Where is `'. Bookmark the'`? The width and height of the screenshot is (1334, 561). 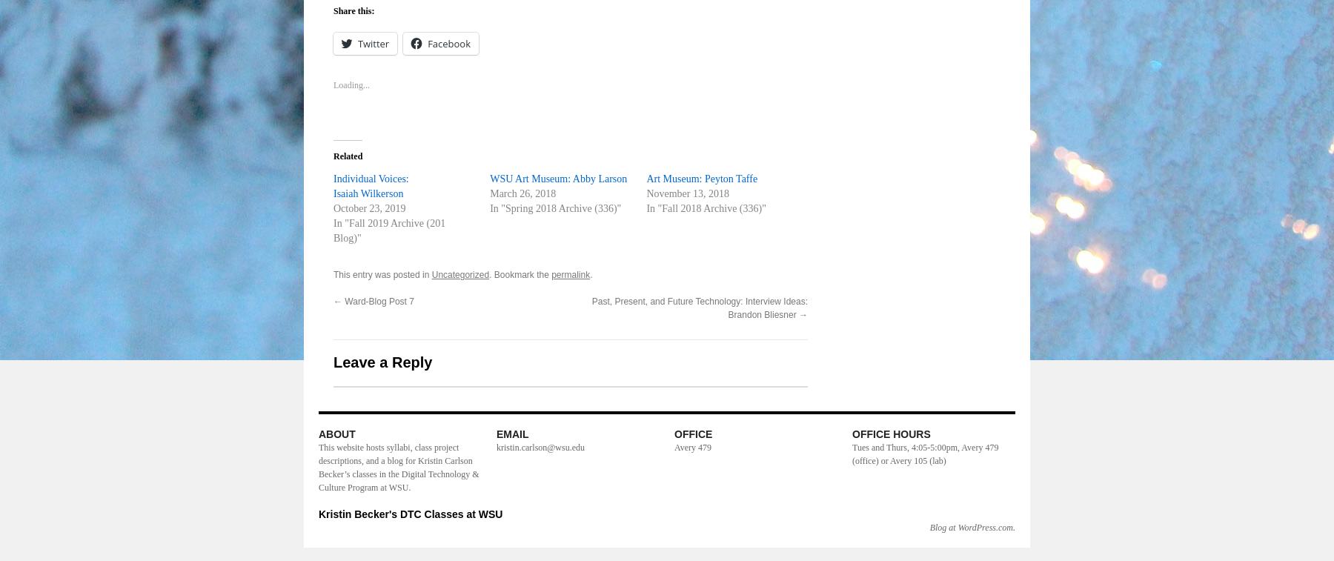 '. Bookmark the' is located at coordinates (520, 274).